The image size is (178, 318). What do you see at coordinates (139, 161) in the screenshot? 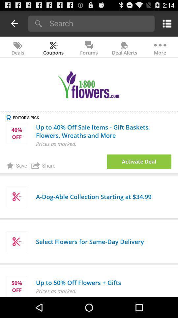
I see `open the deal option` at bounding box center [139, 161].